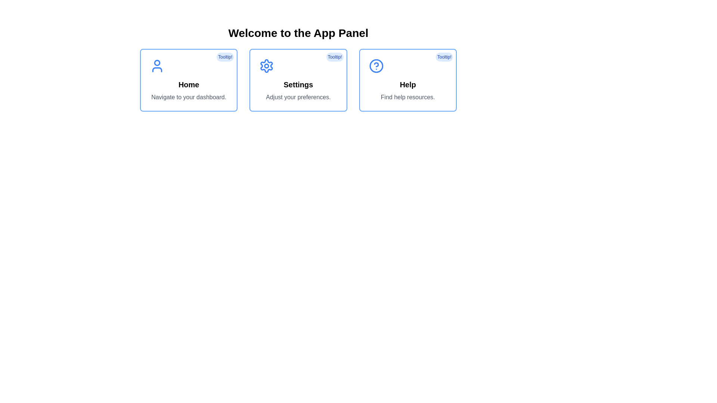 The width and height of the screenshot is (717, 403). Describe the element at coordinates (157, 69) in the screenshot. I see `the lower part of the 'user' icon located centrally within the 'Home' panel, the first panel from the left in the top row of the interface` at that location.